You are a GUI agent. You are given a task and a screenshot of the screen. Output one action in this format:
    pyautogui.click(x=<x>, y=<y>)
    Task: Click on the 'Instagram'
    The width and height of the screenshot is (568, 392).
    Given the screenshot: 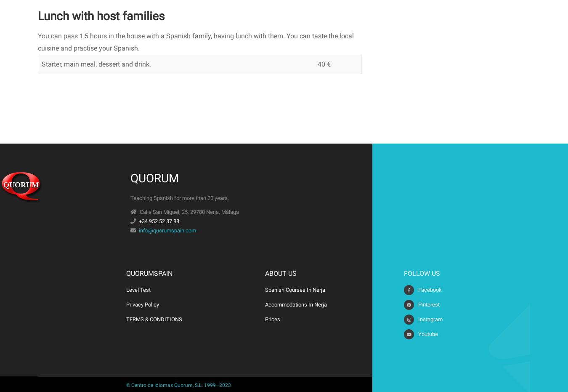 What is the action you would take?
    pyautogui.click(x=430, y=319)
    